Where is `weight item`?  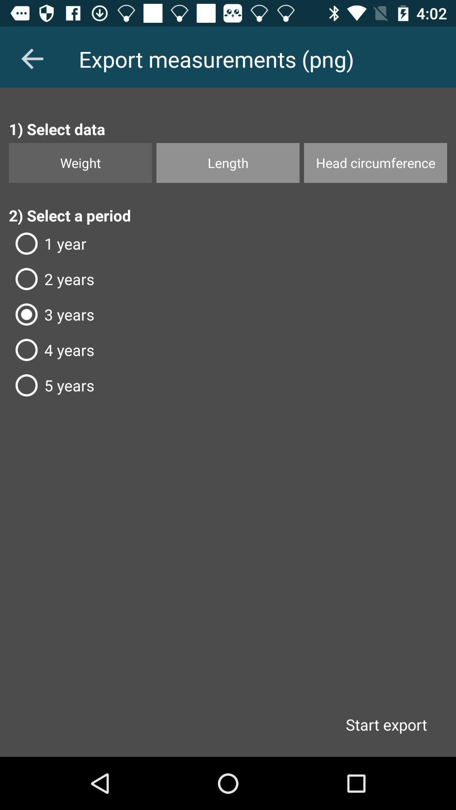
weight item is located at coordinates (80, 163).